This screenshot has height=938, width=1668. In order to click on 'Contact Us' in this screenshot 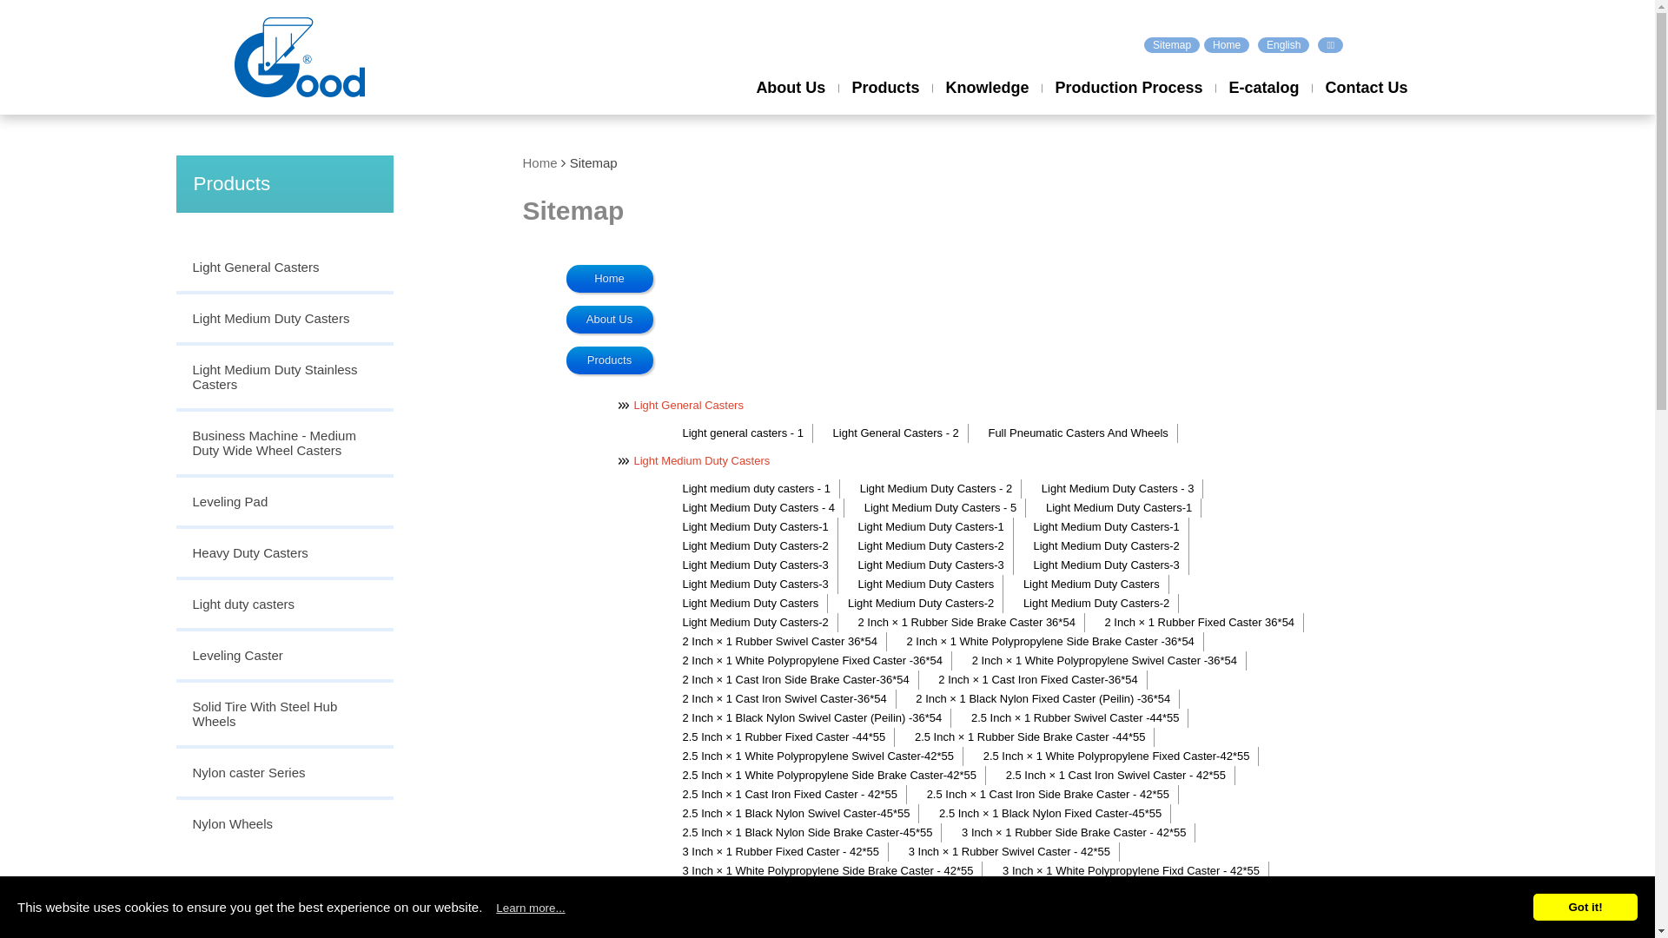, I will do `click(1365, 103)`.